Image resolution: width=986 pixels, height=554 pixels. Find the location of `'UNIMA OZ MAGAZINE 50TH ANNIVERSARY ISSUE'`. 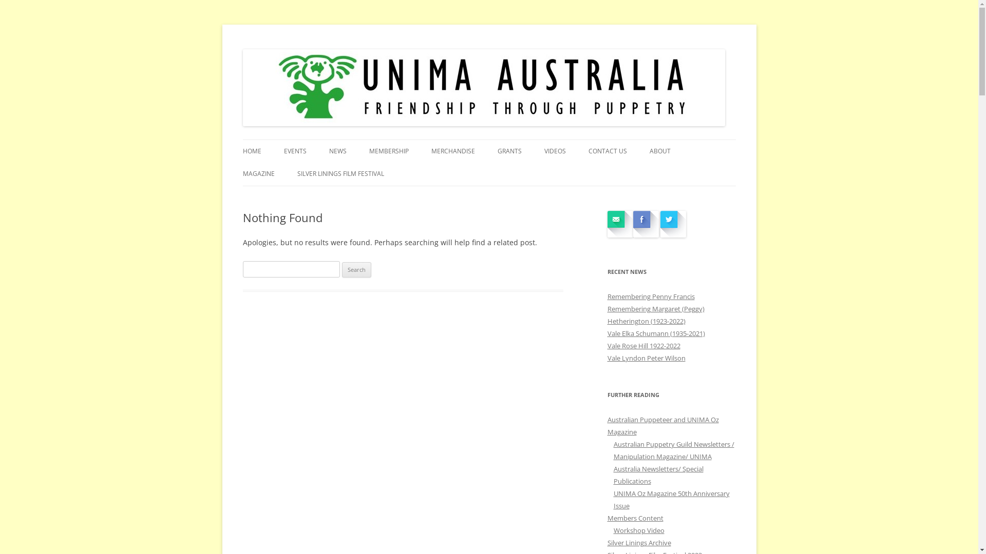

'UNIMA OZ MAGAZINE 50TH ANNIVERSARY ISSUE' is located at coordinates (293, 202).